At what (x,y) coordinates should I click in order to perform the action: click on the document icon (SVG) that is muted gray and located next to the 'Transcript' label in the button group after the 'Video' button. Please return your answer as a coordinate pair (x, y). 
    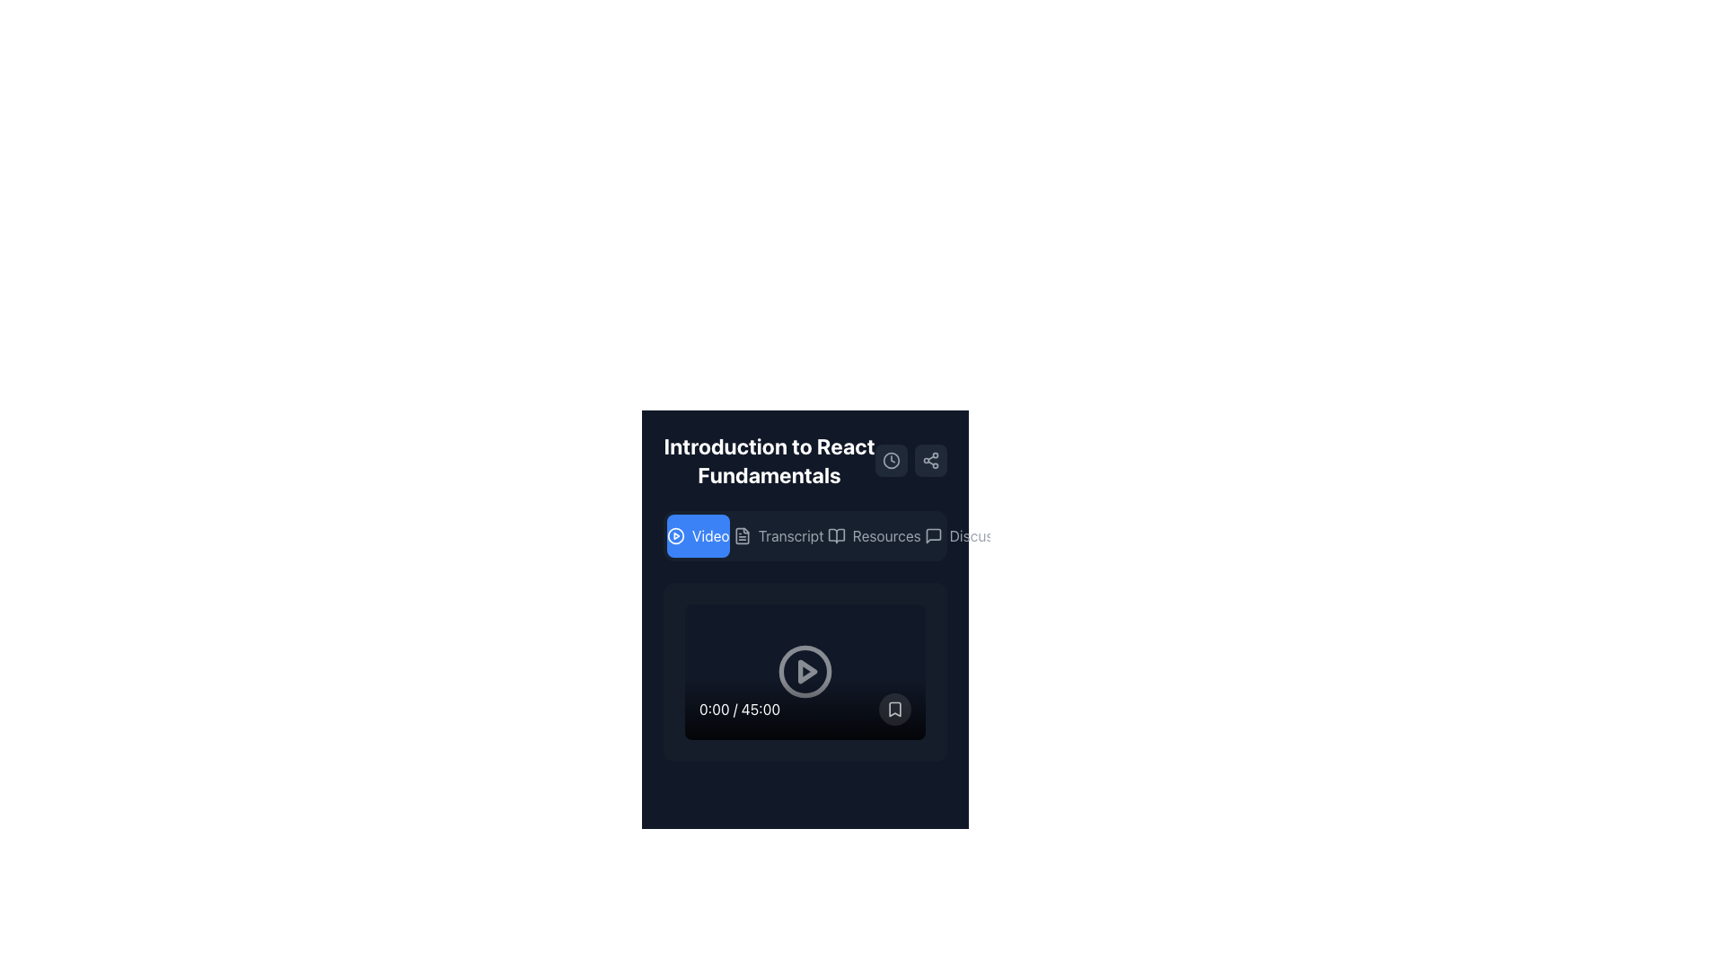
    Looking at the image, I should click on (742, 535).